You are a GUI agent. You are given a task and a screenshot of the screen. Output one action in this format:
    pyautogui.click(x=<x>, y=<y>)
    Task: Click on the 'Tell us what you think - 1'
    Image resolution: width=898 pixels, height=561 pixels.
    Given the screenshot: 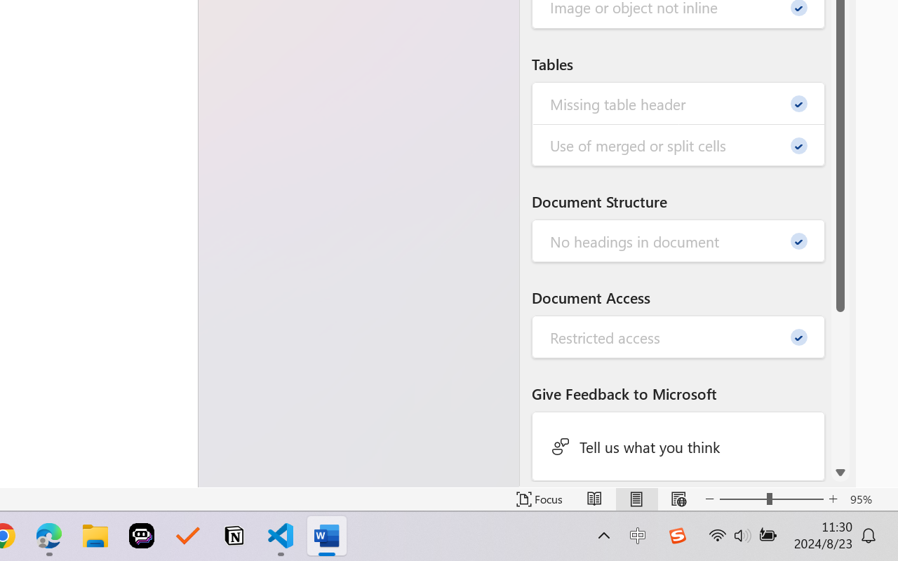 What is the action you would take?
    pyautogui.click(x=678, y=445)
    